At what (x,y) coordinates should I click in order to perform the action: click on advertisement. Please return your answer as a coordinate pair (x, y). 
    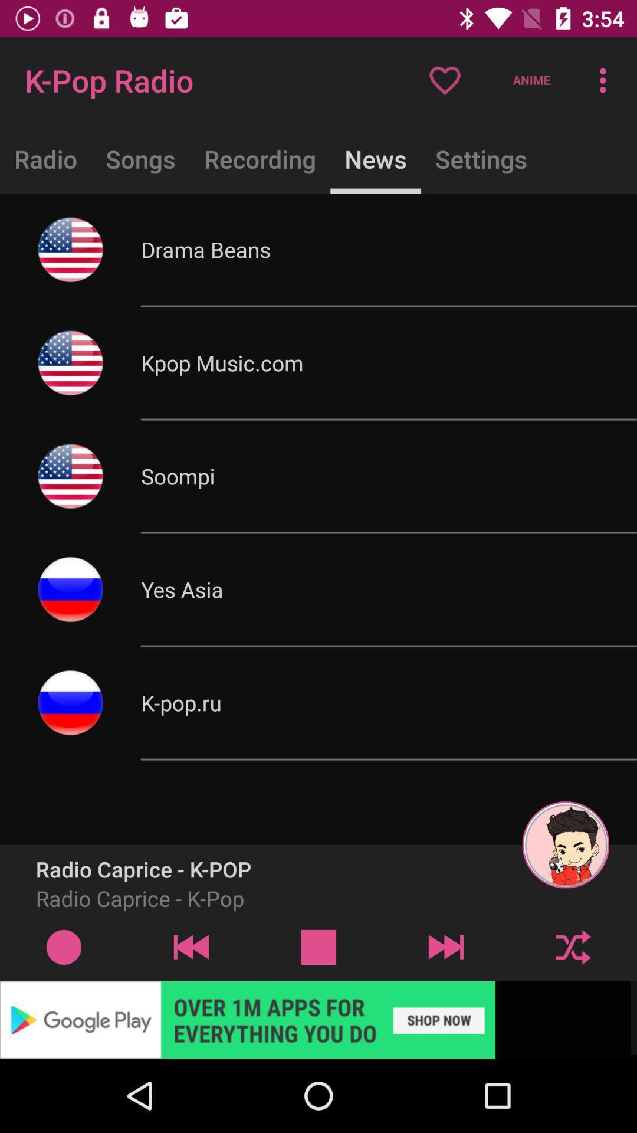
    Looking at the image, I should click on (318, 1019).